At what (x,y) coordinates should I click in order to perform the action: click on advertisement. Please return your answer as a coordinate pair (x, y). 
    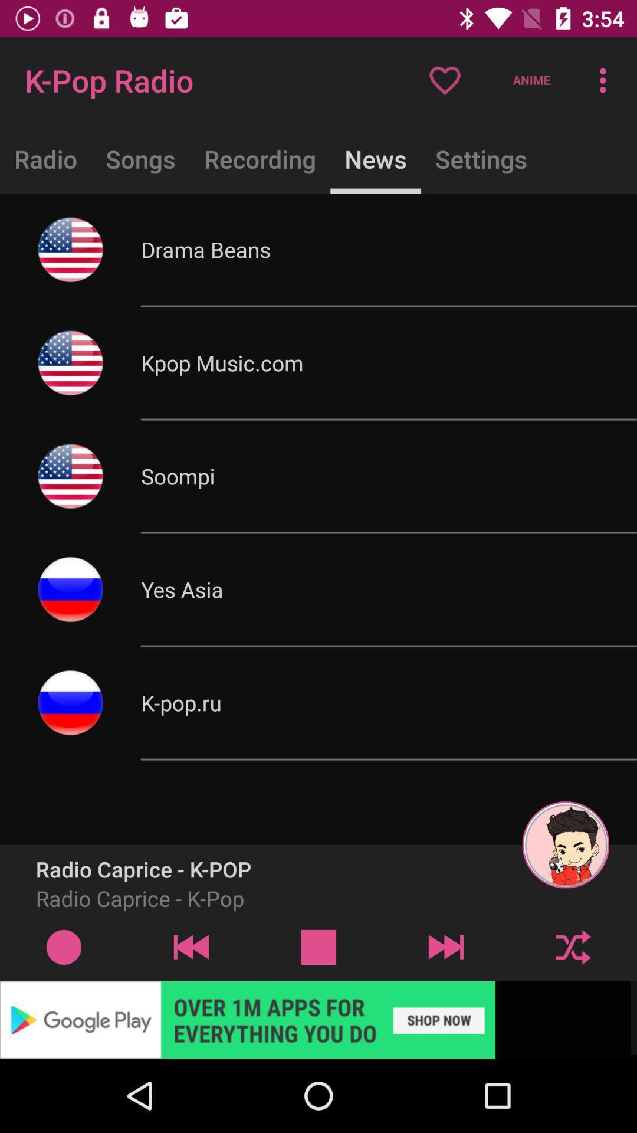
    Looking at the image, I should click on (318, 1019).